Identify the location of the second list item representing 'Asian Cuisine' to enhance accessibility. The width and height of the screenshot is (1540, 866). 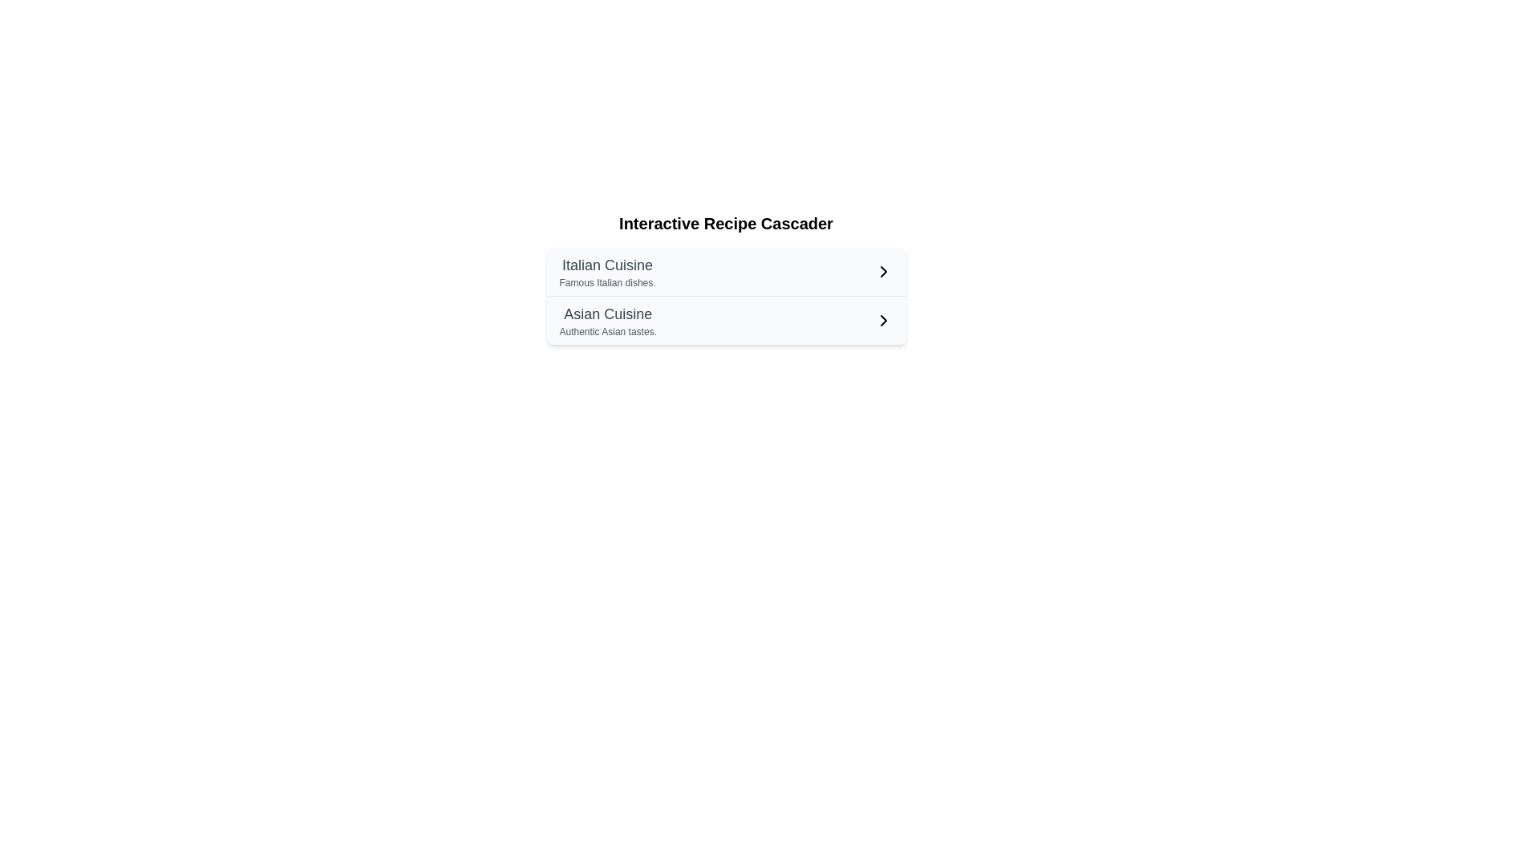
(725, 321).